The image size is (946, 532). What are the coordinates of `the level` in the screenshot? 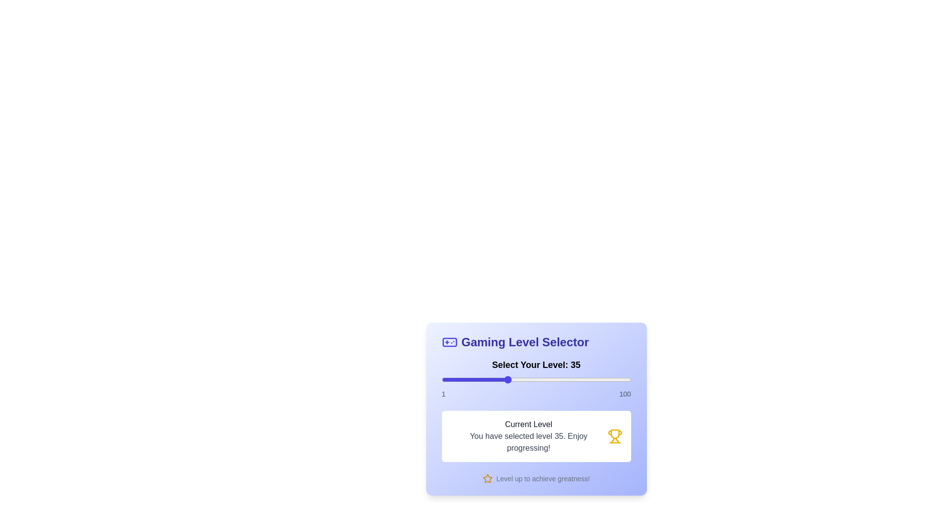 It's located at (472, 379).